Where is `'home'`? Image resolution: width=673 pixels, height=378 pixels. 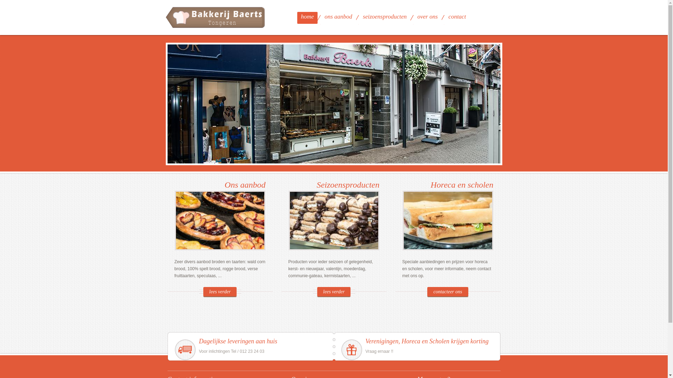 'home' is located at coordinates (307, 17).